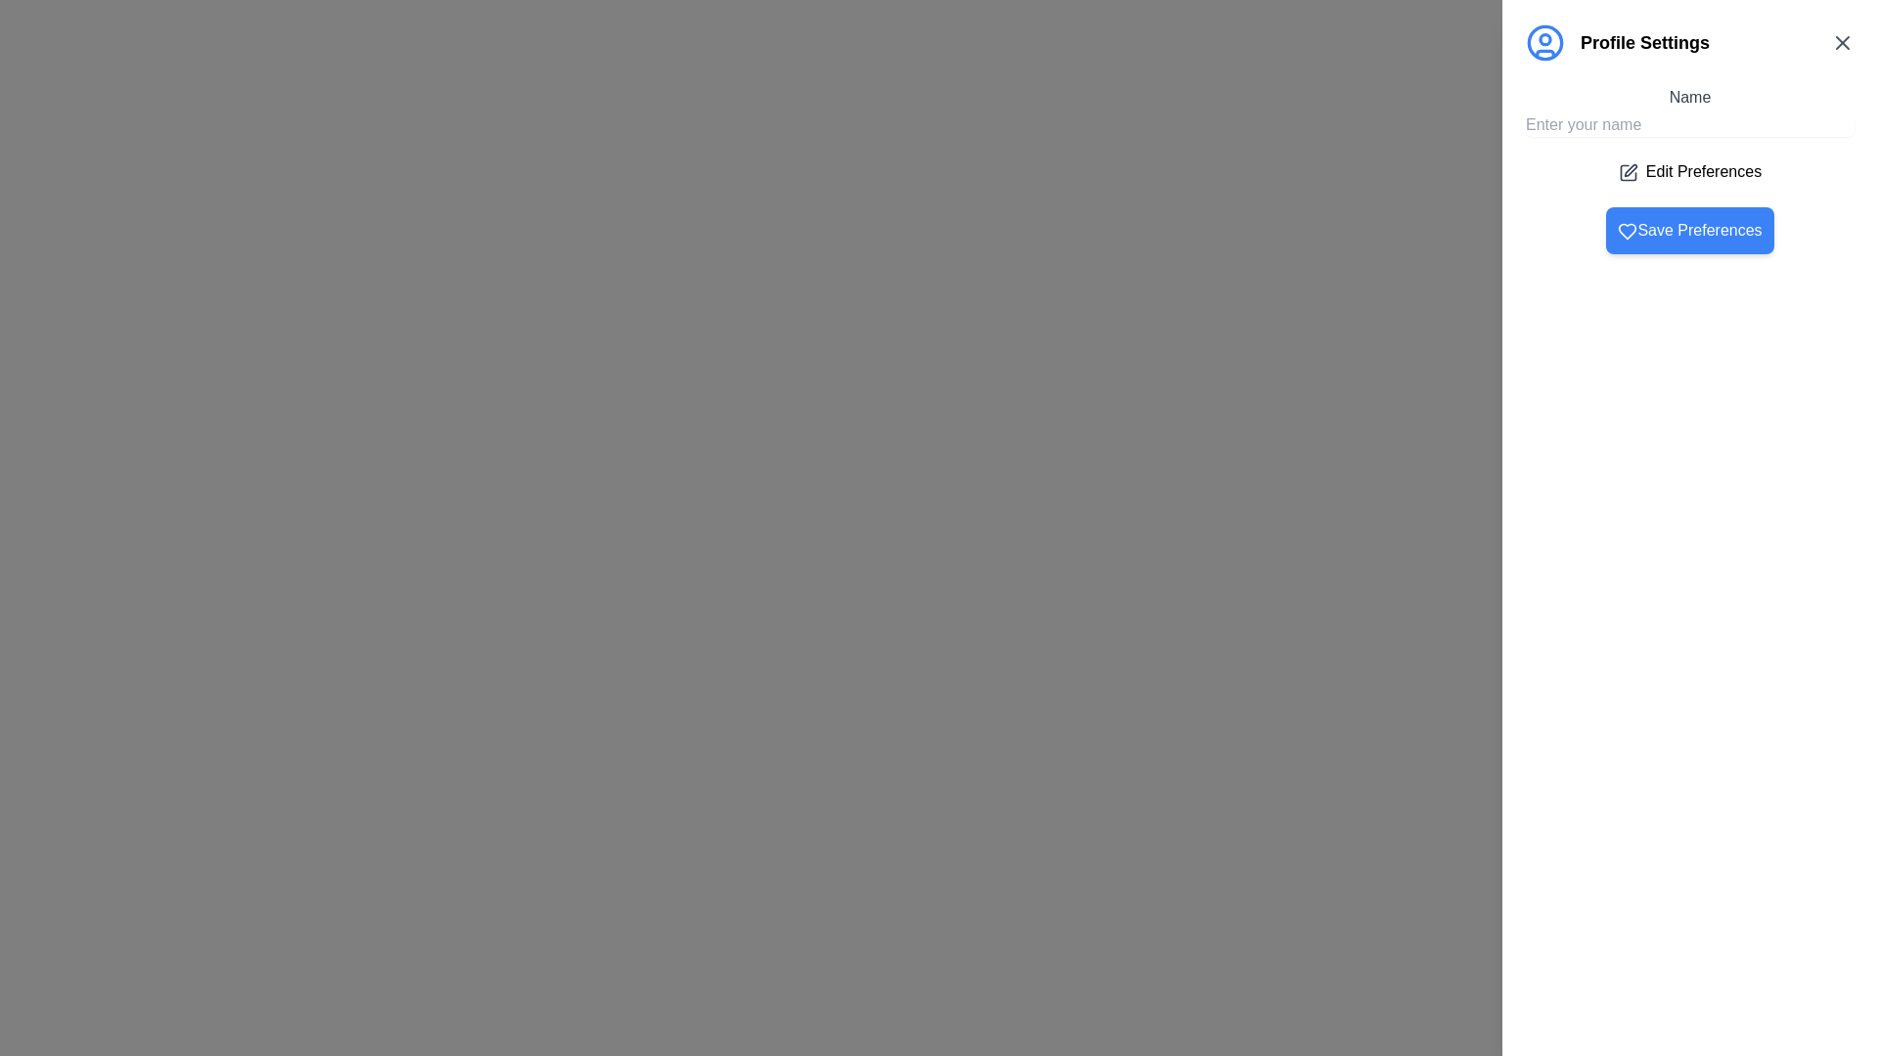 This screenshot has width=1878, height=1056. Describe the element at coordinates (1628, 171) in the screenshot. I see `the square-shaped document icon with a folding pen overlay located near the top of the right sidebar, below the 'Profile Settings' title and to the left of the 'Edit Preferences' checkbox` at that location.